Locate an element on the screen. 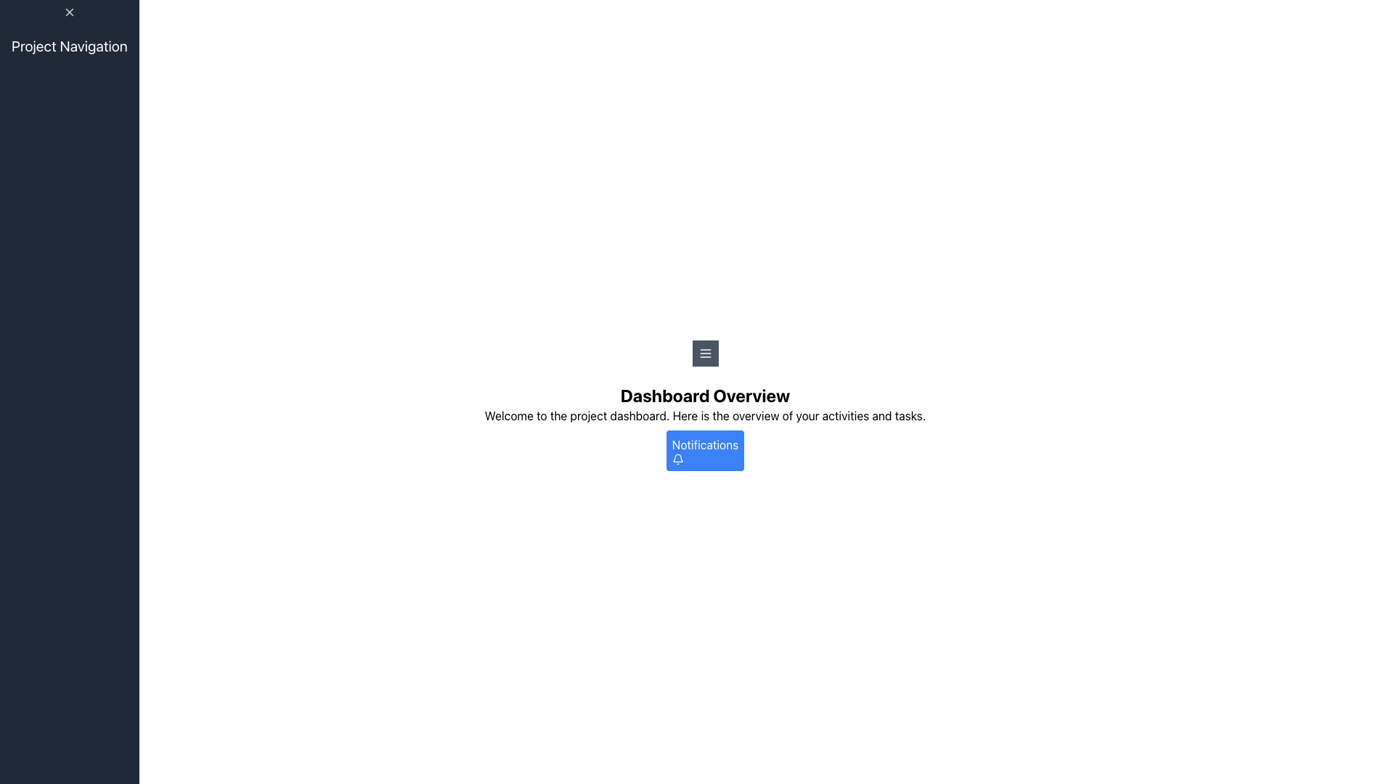  the blue 'Notifications' button with rounded corners located in the 'Dashboard Overview' section is located at coordinates (705, 438).